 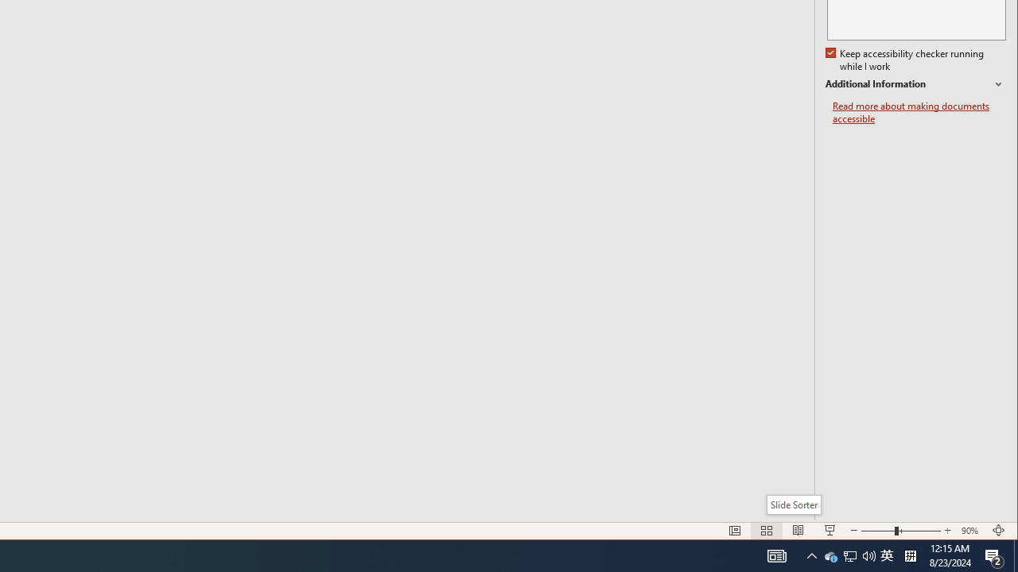 I want to click on 'Tray Input Indicator - Chinese (Simplified, China)', so click(x=886, y=555).